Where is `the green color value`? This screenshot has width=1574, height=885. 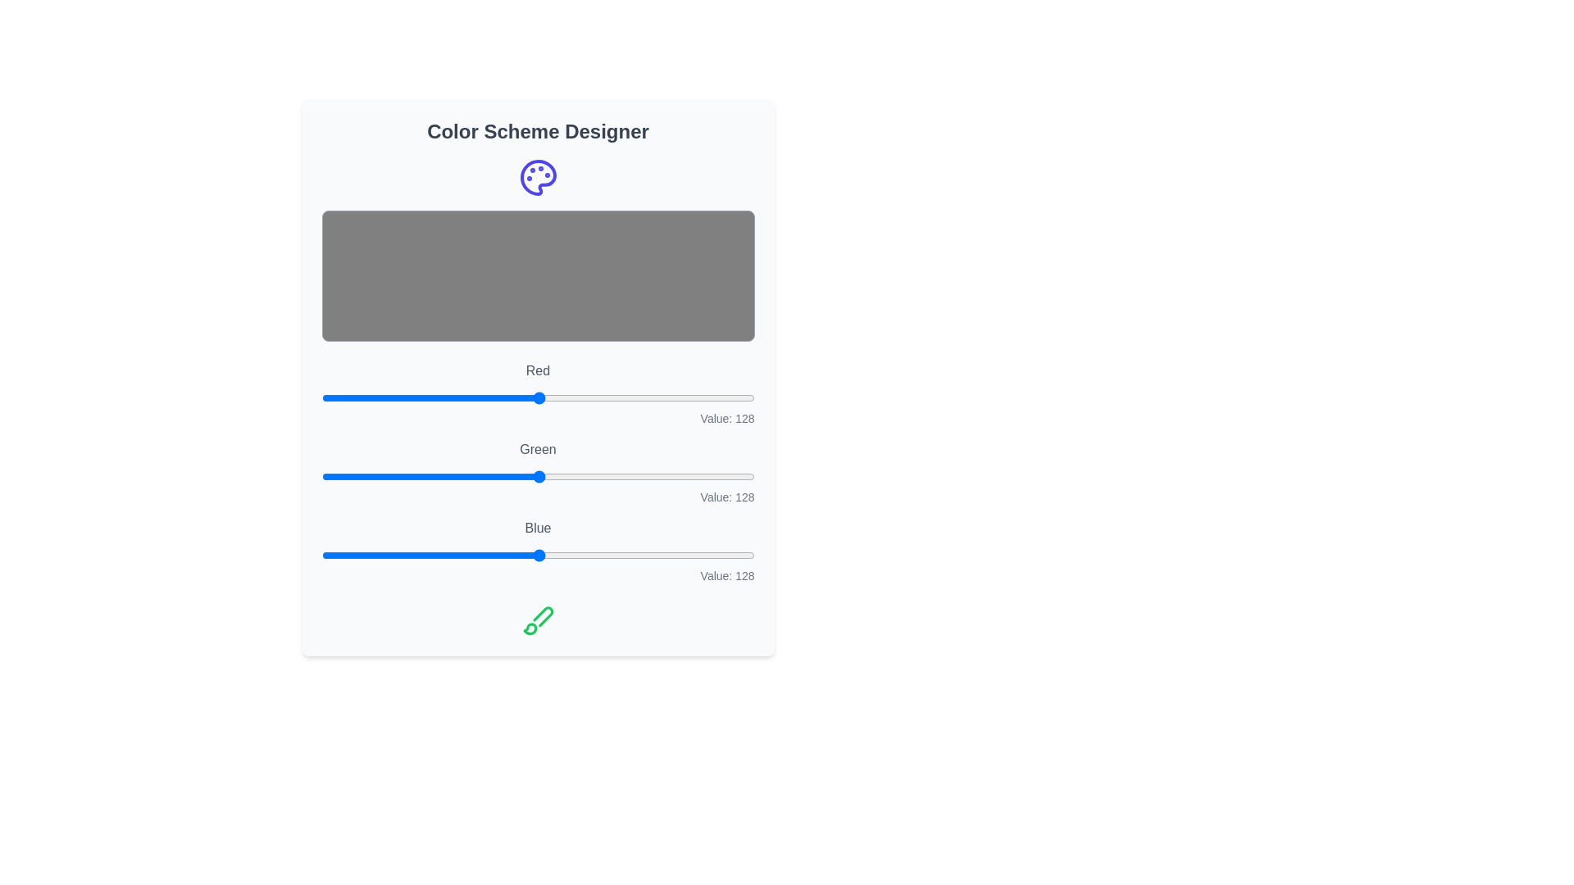 the green color value is located at coordinates (556, 477).